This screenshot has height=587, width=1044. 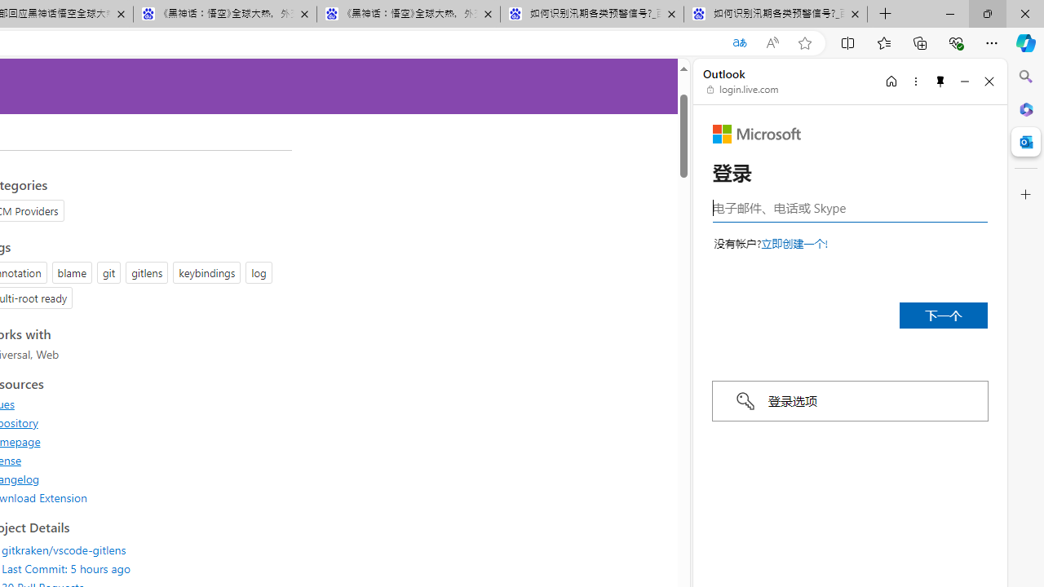 I want to click on 'Unpin side pane', so click(x=940, y=81).